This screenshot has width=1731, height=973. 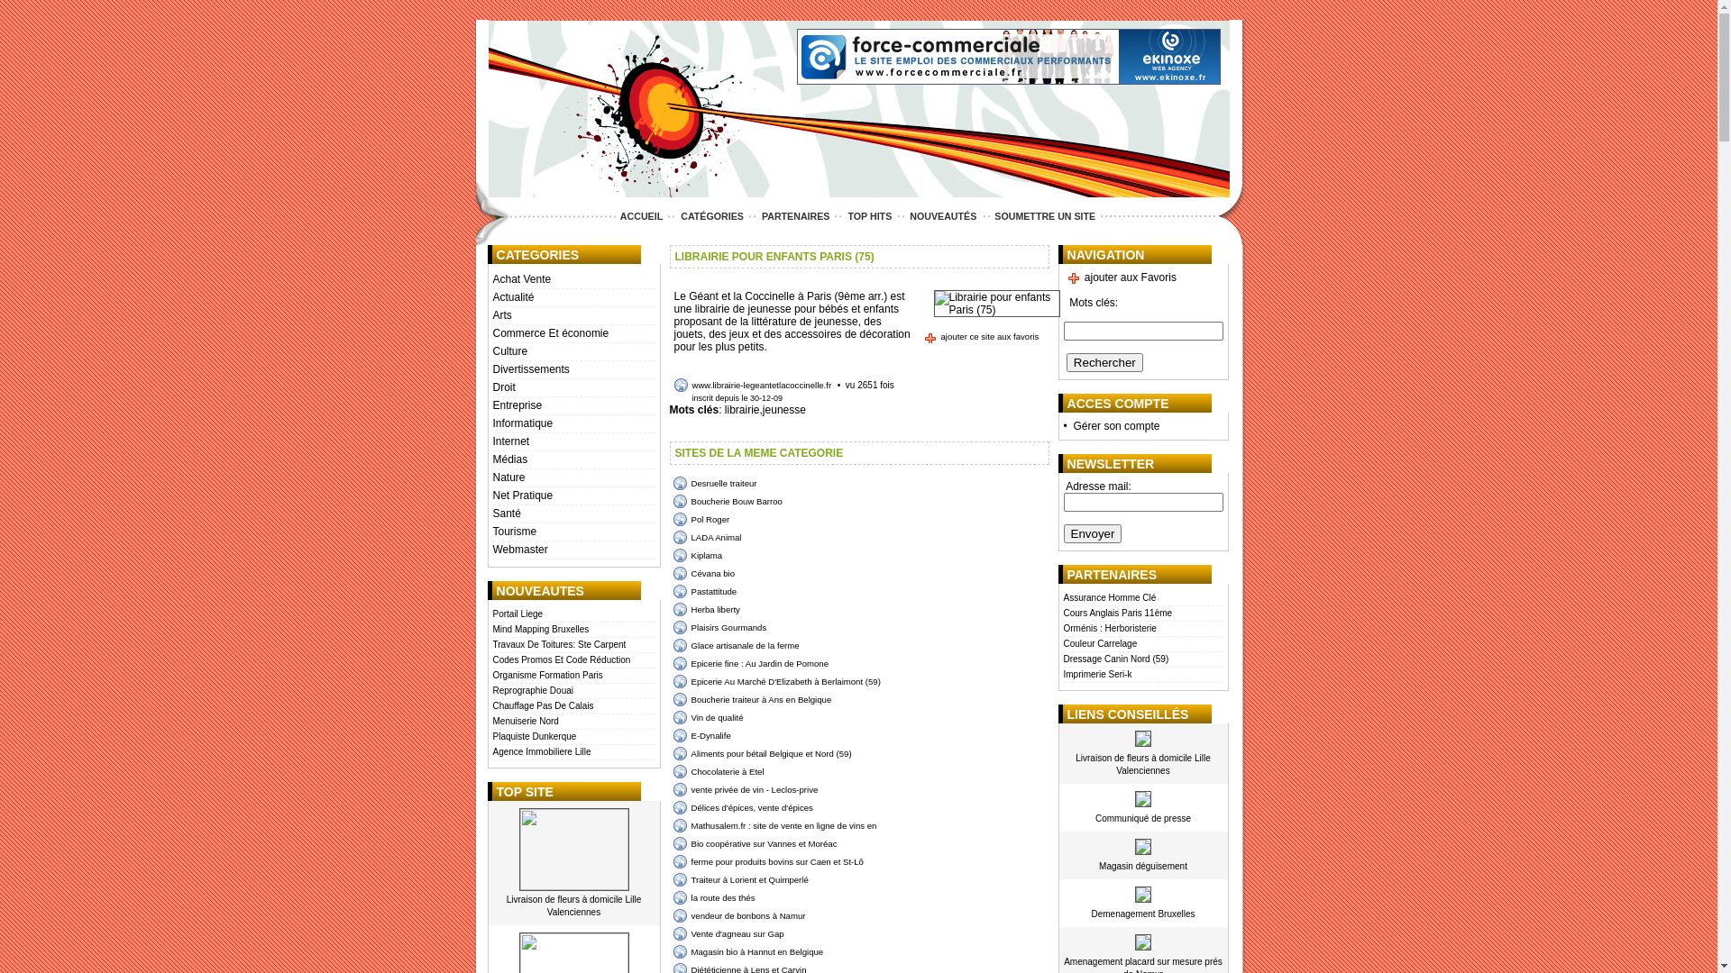 I want to click on 'Droit', so click(x=572, y=387).